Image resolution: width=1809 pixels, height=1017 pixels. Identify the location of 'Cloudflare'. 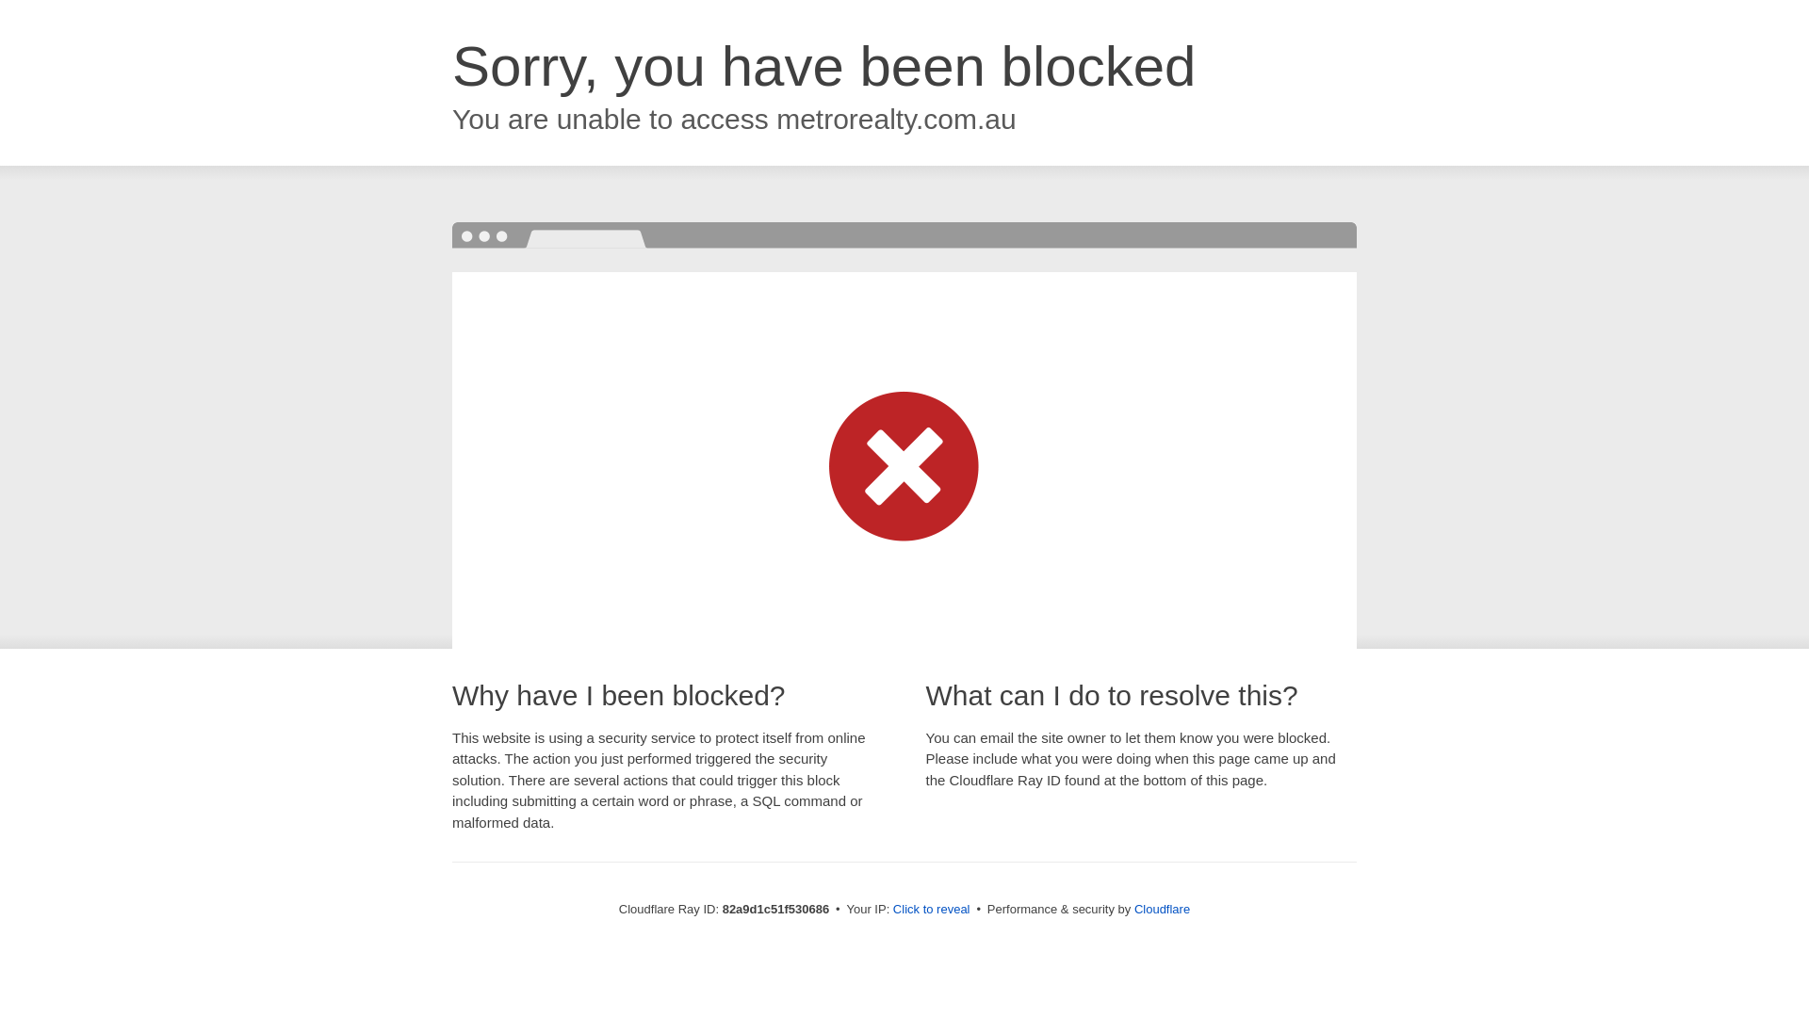
(1161, 908).